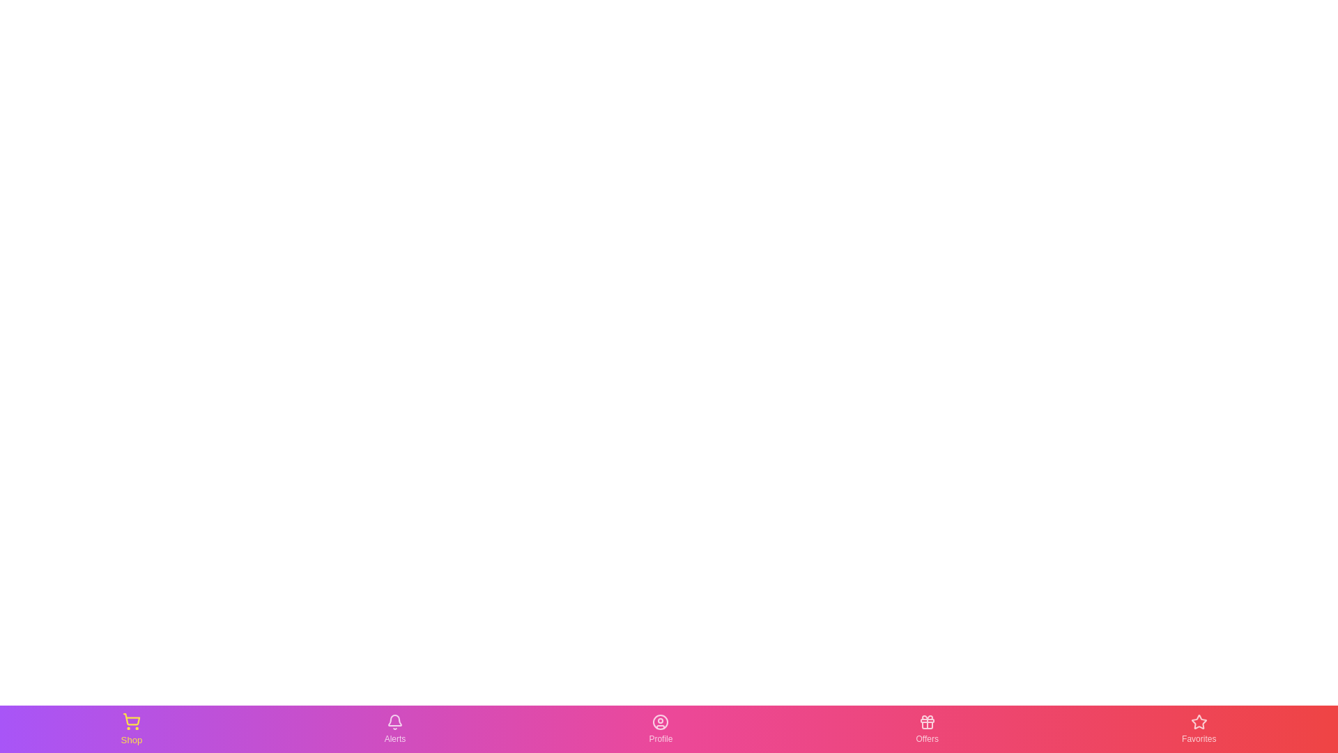 This screenshot has width=1338, height=753. Describe the element at coordinates (1199, 728) in the screenshot. I see `the Favorites tab in the bottom navigation bar` at that location.